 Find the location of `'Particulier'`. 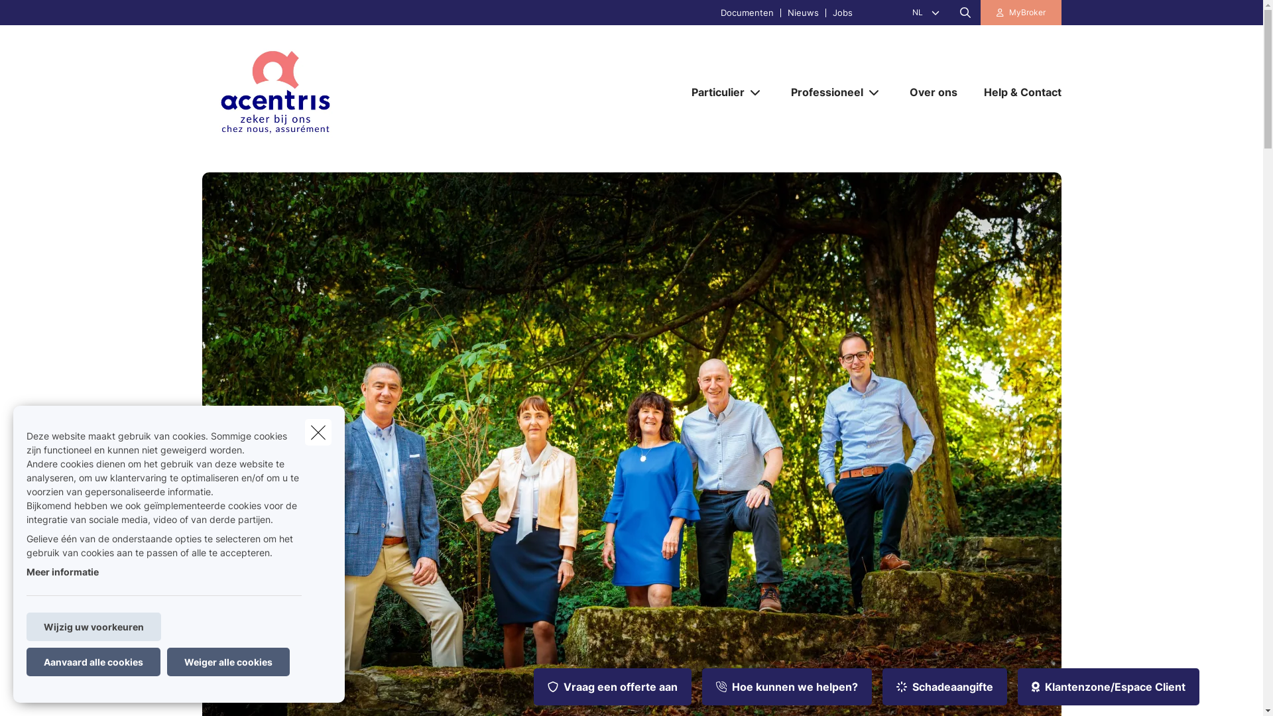

'Particulier' is located at coordinates (711, 91).